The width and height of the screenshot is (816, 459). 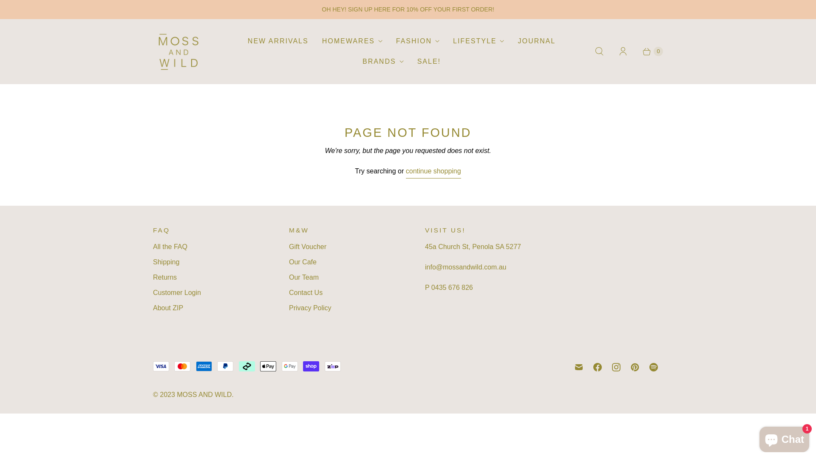 What do you see at coordinates (410, 61) in the screenshot?
I see `'SALE!'` at bounding box center [410, 61].